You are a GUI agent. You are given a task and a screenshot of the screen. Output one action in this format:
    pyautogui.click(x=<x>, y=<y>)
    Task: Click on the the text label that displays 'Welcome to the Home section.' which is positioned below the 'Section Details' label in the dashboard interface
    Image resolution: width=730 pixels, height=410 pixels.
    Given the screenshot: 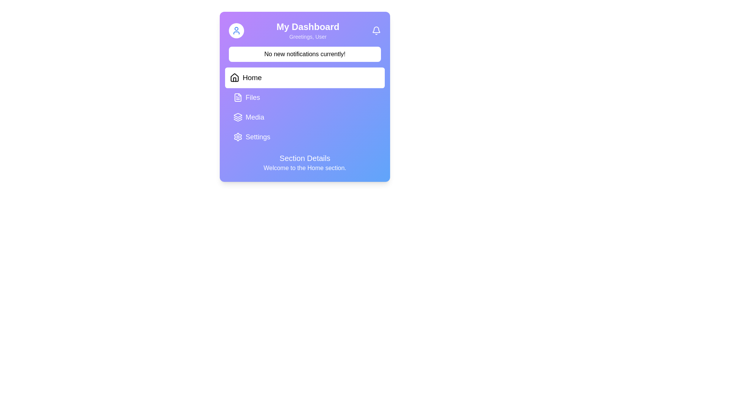 What is the action you would take?
    pyautogui.click(x=305, y=168)
    